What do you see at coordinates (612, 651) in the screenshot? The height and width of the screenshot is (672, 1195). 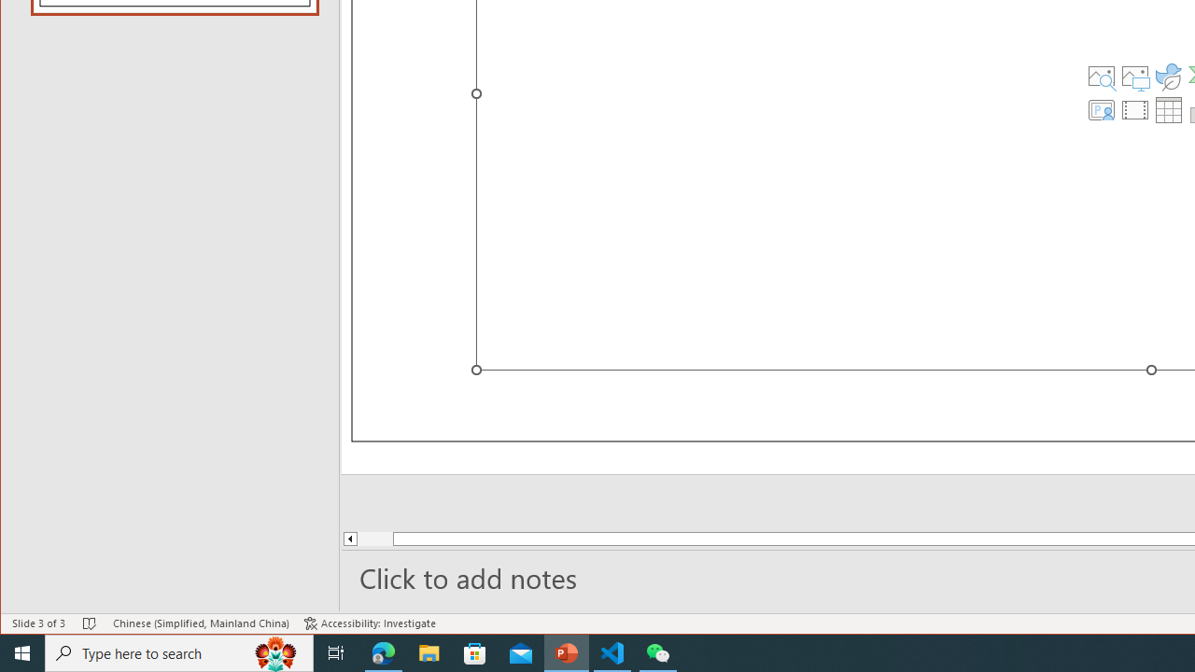 I see `'Visual Studio Code - 1 running window'` at bounding box center [612, 651].